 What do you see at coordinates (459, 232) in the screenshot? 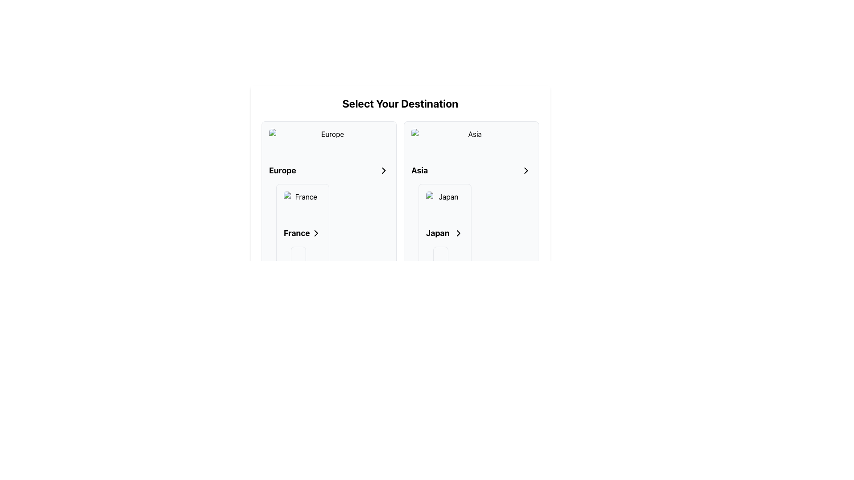
I see `the navigation icon located to the right of the 'Japan' text` at bounding box center [459, 232].